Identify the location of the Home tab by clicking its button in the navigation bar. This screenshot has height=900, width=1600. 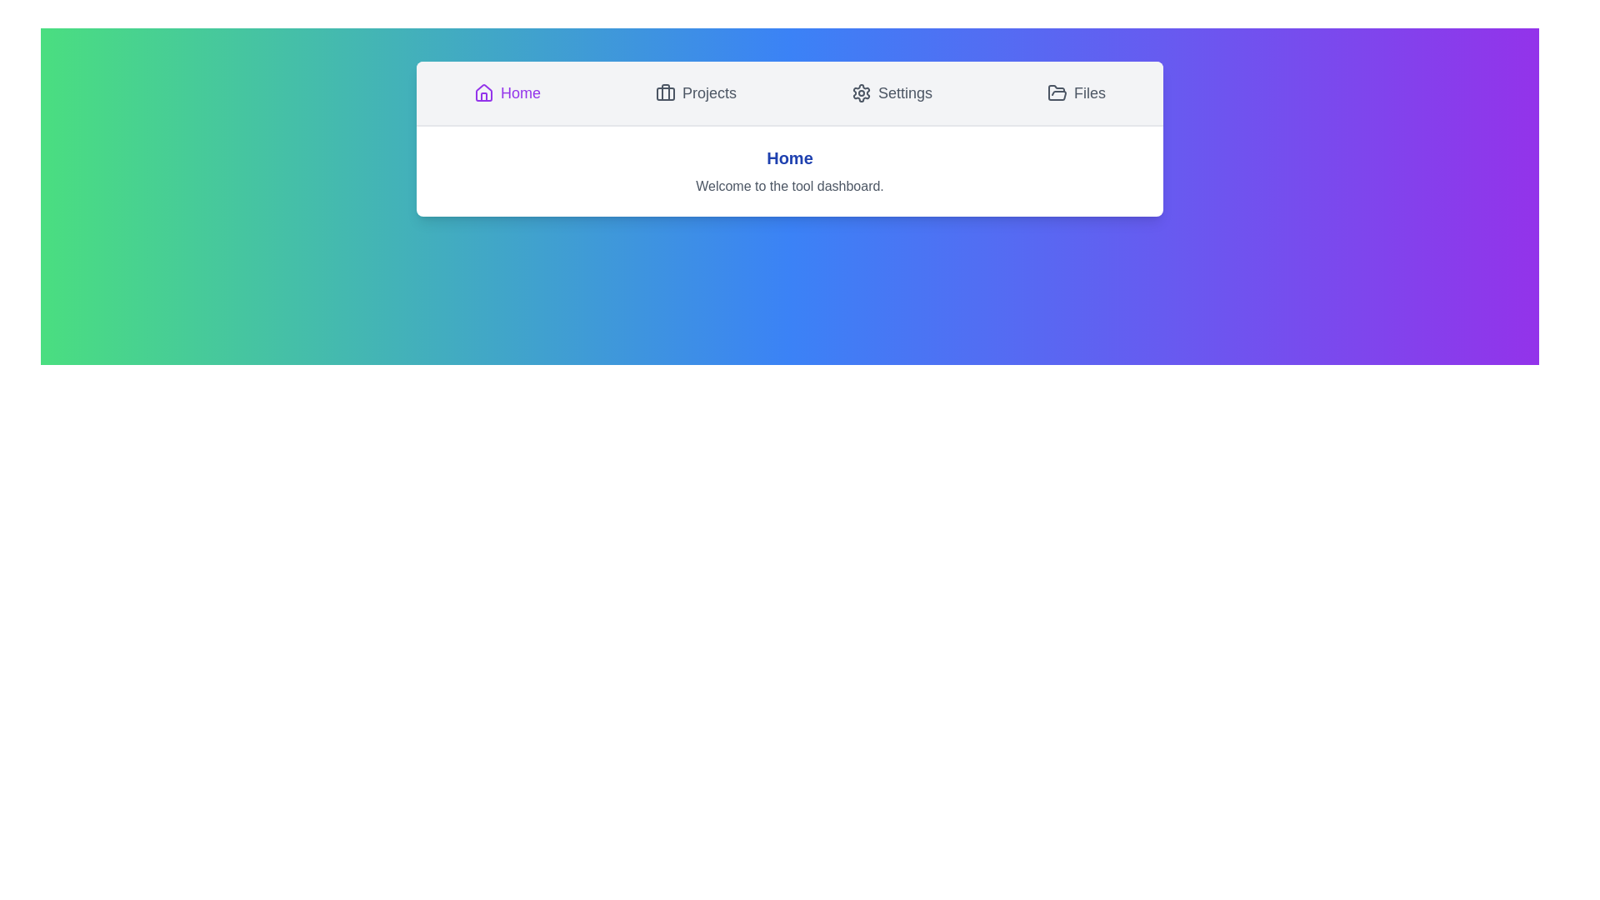
(507, 92).